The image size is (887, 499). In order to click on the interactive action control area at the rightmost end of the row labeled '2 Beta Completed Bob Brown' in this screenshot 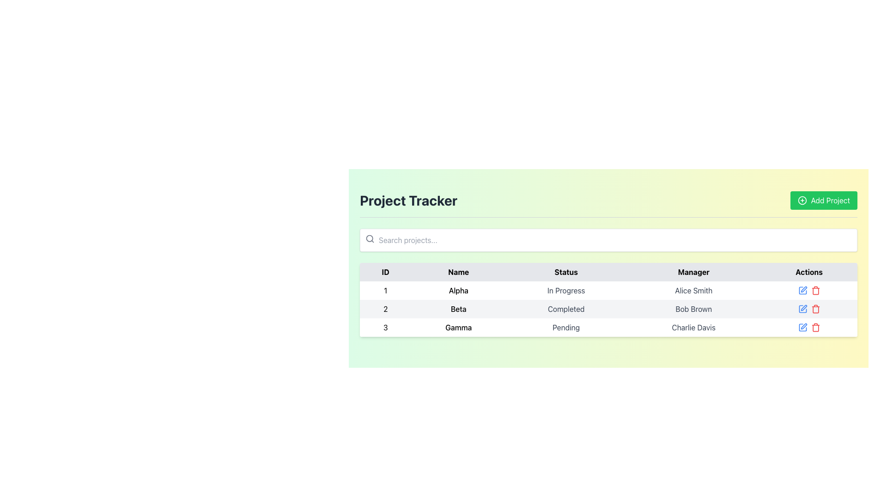, I will do `click(808, 309)`.